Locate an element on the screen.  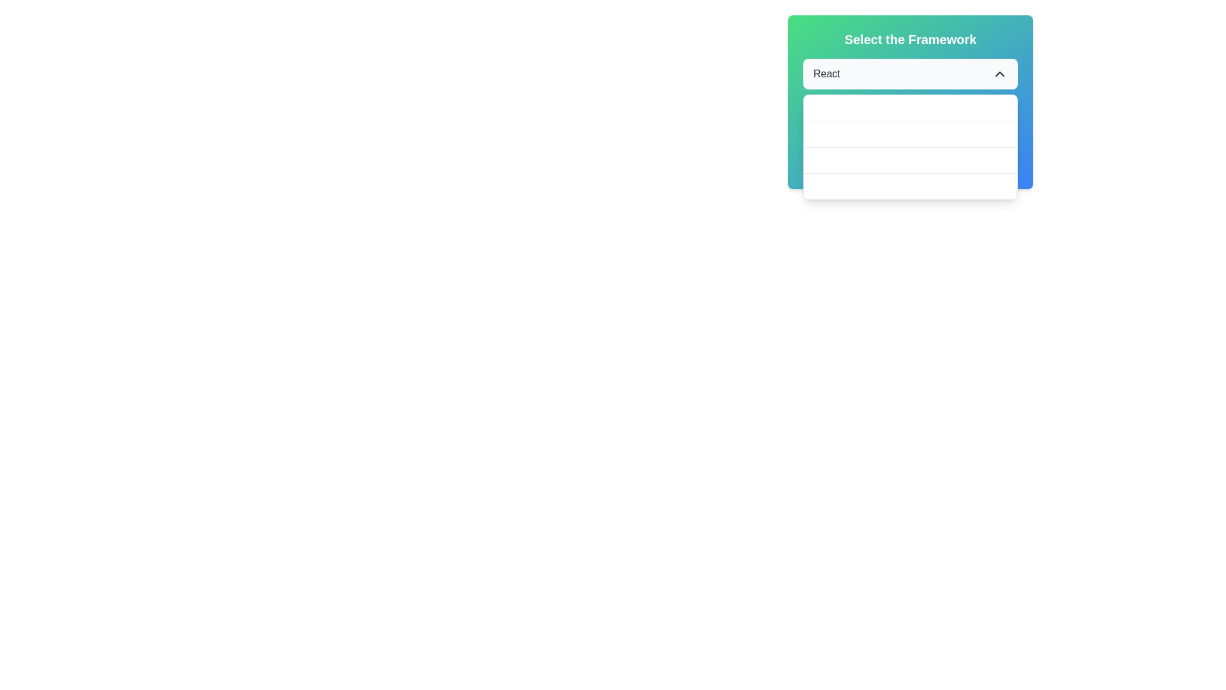
the third item in the dropdown menu is located at coordinates (909, 160).